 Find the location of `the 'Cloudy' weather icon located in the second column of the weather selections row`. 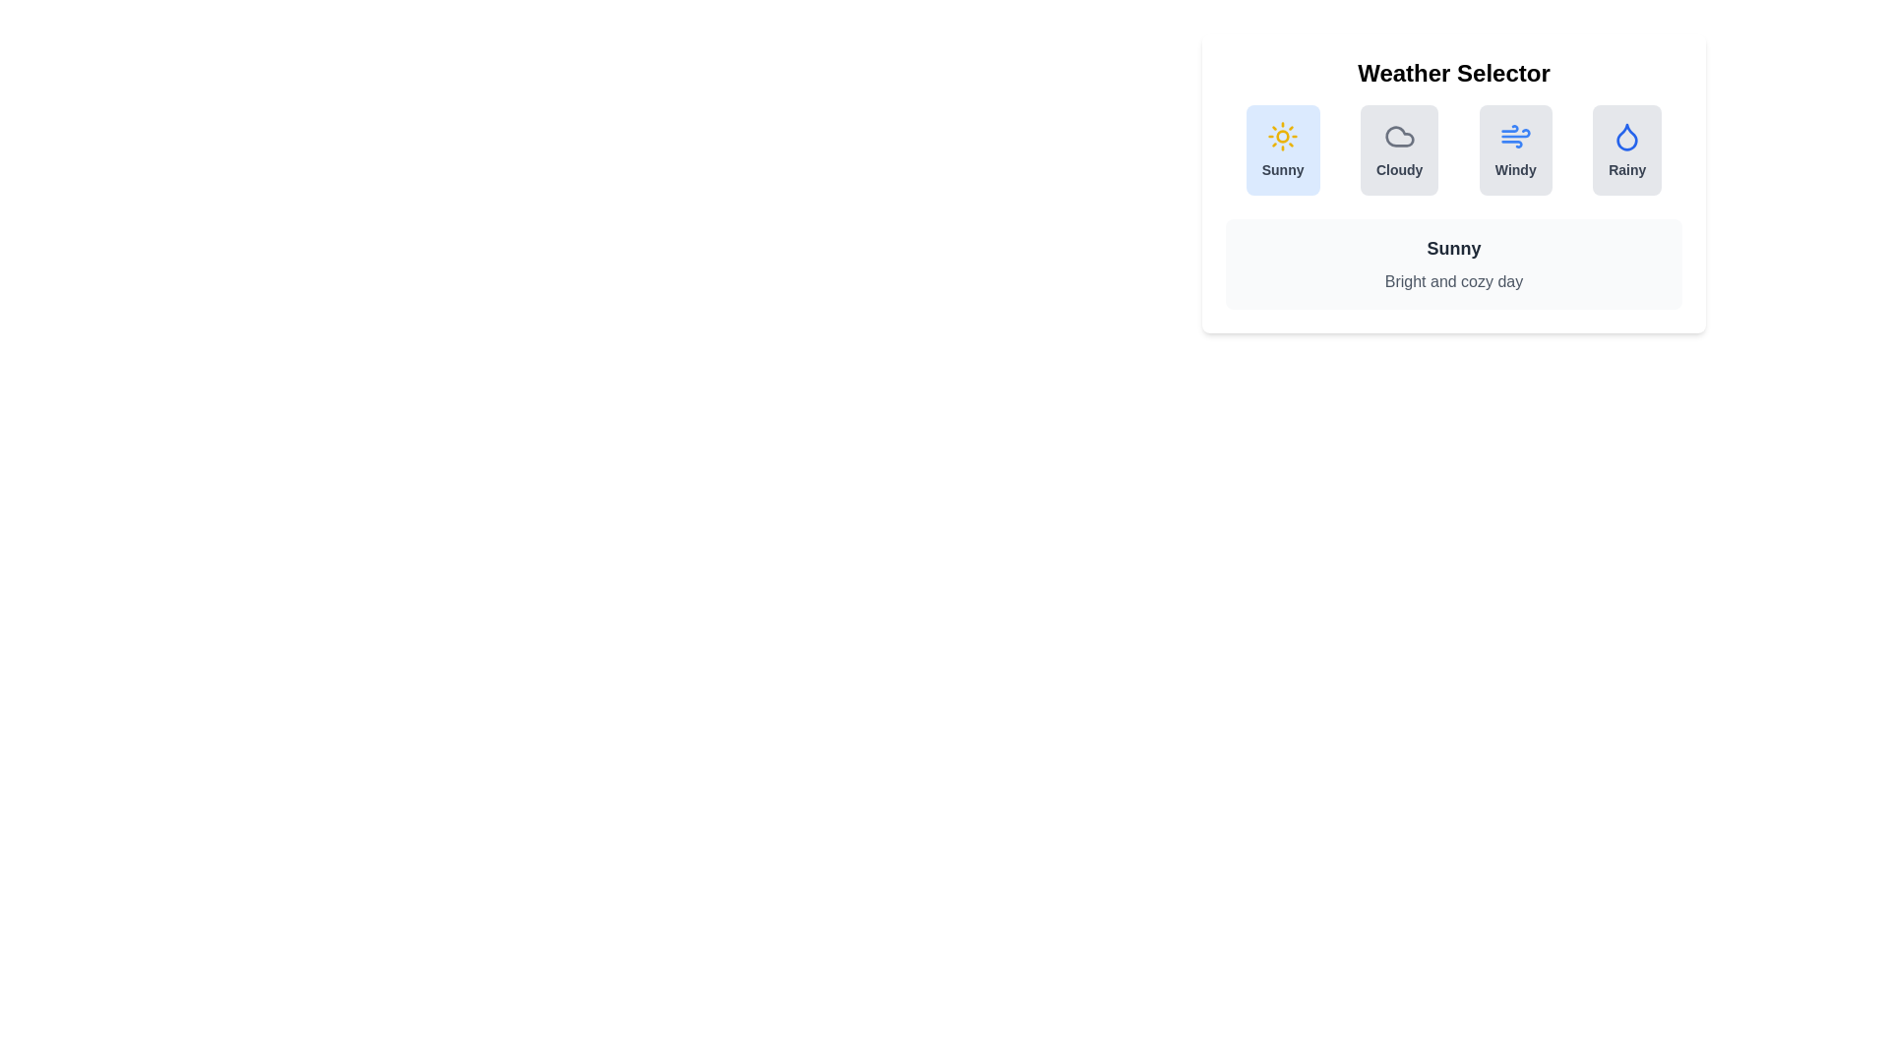

the 'Cloudy' weather icon located in the second column of the weather selections row is located at coordinates (1398, 135).